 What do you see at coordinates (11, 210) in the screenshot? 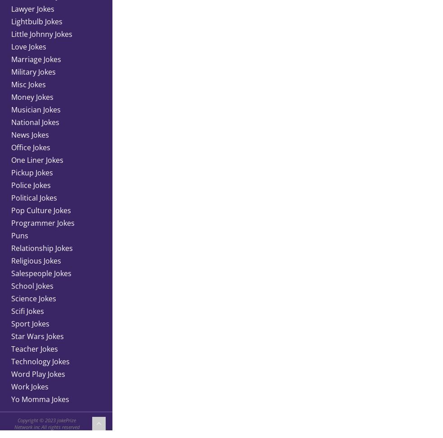
I see `'Pop Culture Jokes'` at bounding box center [11, 210].